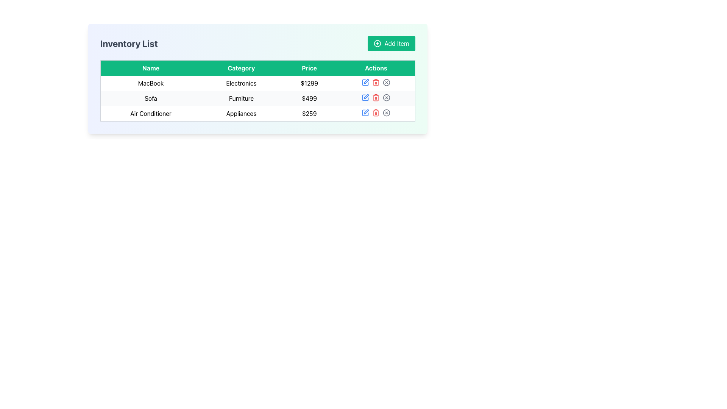 The height and width of the screenshot is (409, 727). What do you see at coordinates (376, 83) in the screenshot?
I see `the delete icon button in the 'Actions' column of the first row in the table` at bounding box center [376, 83].